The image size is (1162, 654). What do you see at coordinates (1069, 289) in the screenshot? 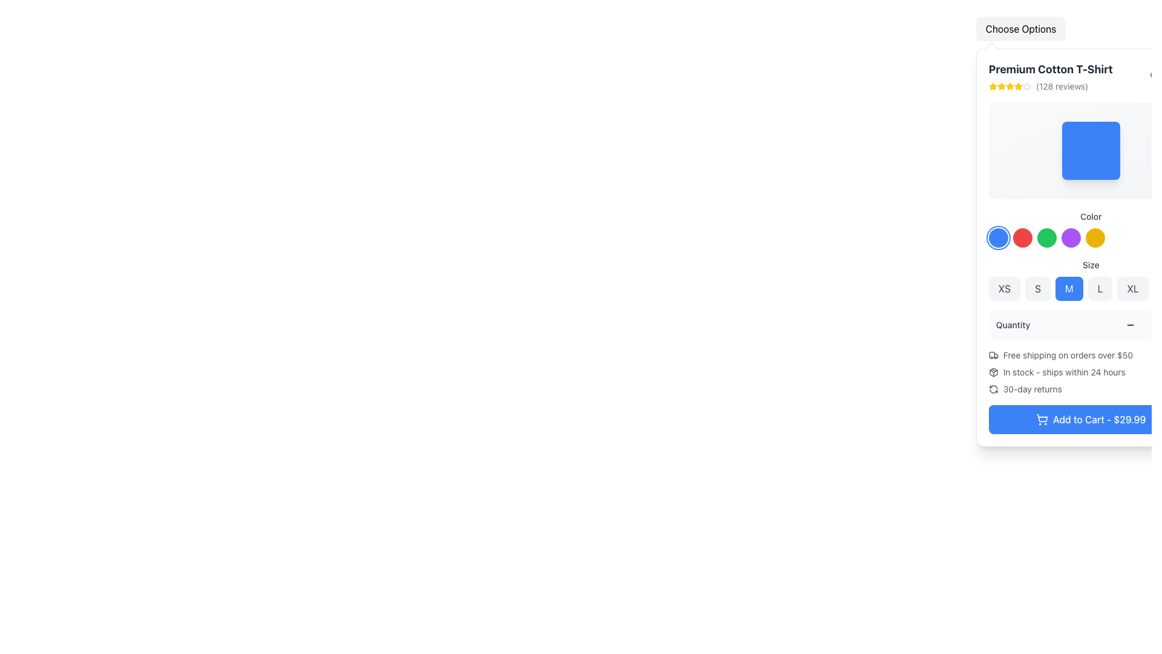
I see `the 'Medium' size option button located in the size selector group, which is the third button in the row of size options` at bounding box center [1069, 289].